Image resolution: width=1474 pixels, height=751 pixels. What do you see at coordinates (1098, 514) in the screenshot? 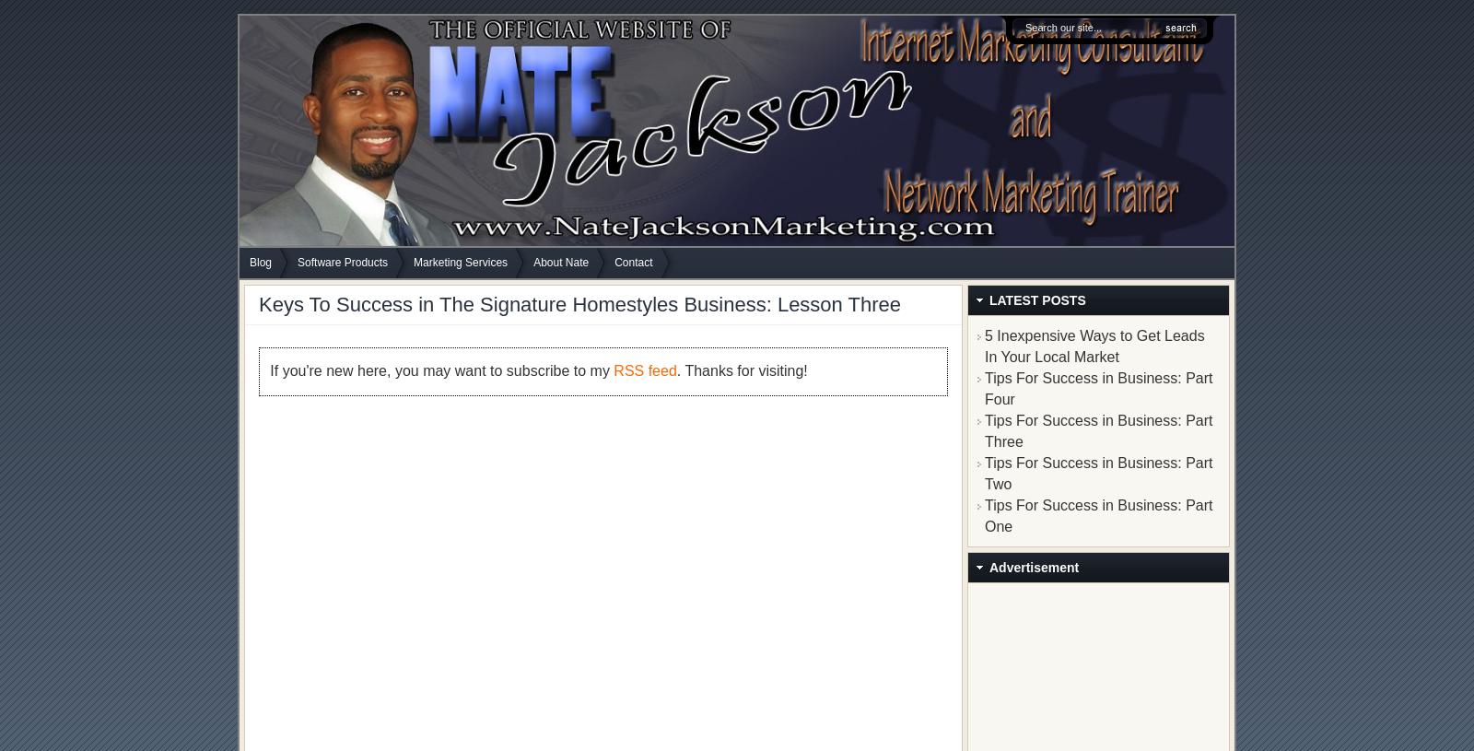
I see `'Tips For Success in Business: Part One'` at bounding box center [1098, 514].